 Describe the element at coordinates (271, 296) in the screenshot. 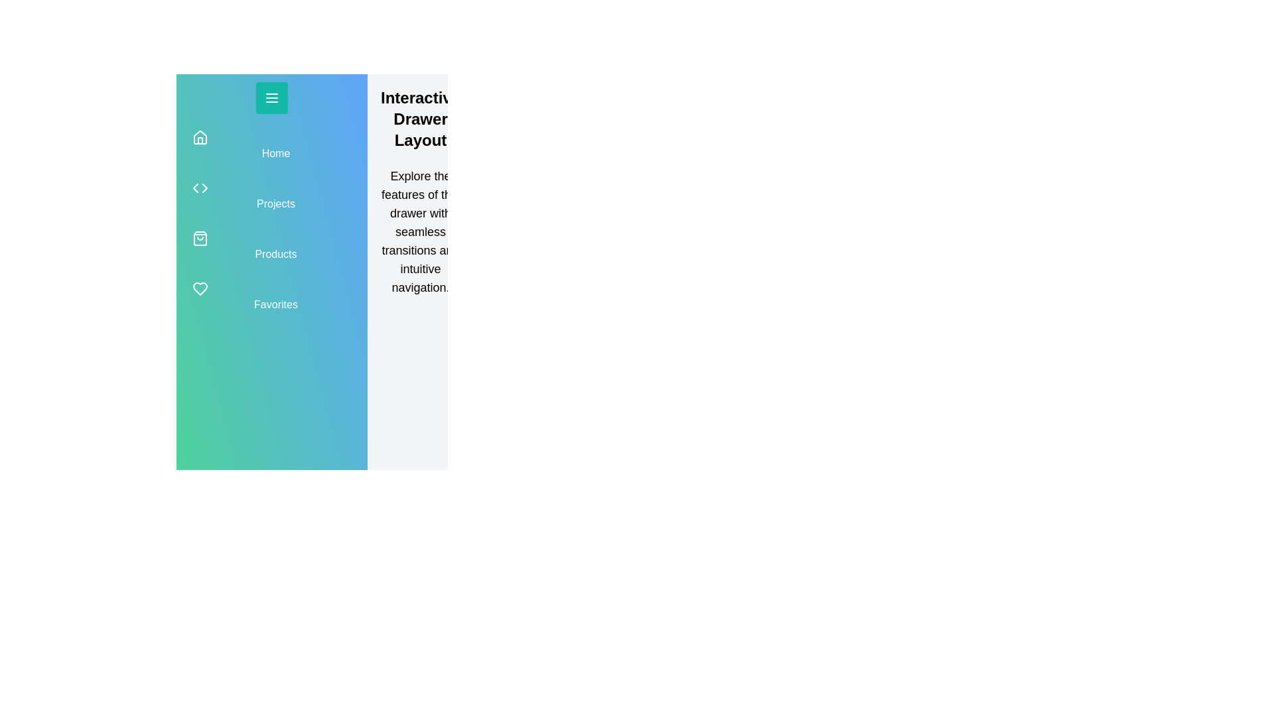

I see `the navigation item Favorites` at that location.